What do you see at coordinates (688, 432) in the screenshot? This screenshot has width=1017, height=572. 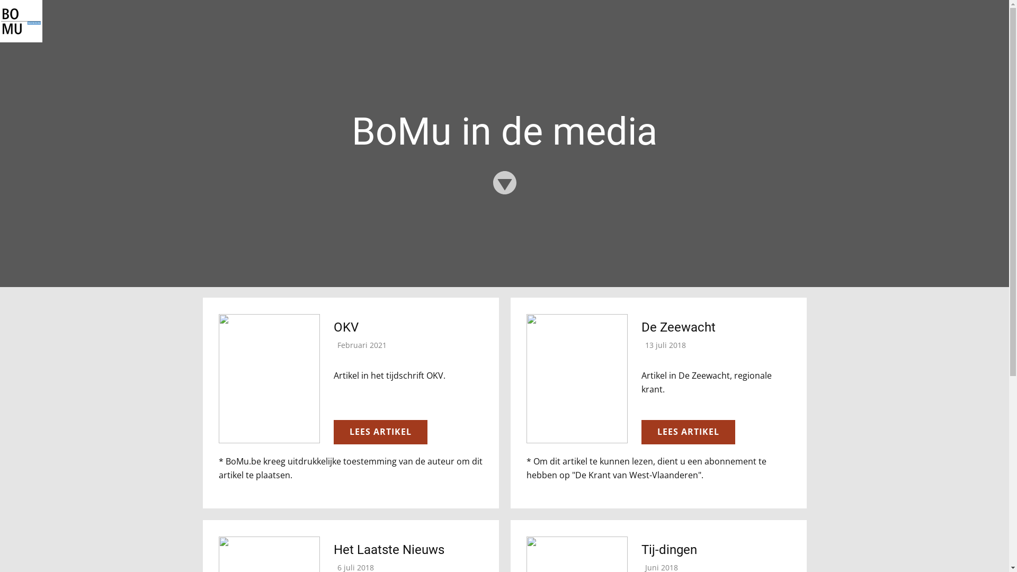 I see `'LEES ARTIKEL'` at bounding box center [688, 432].